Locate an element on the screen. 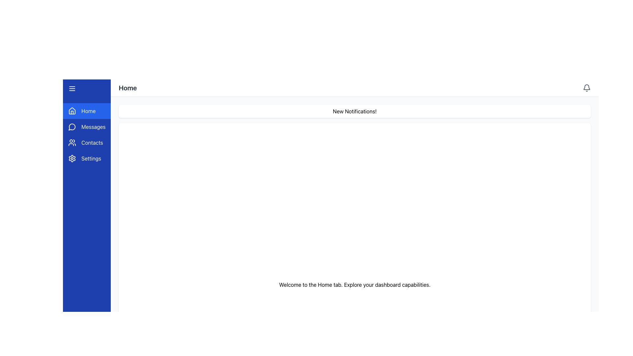 The width and height of the screenshot is (633, 356). the circular icon resembling a speech or messaging bubble in the vertical navigation menu, located next to the 'Messages' label is located at coordinates (72, 127).